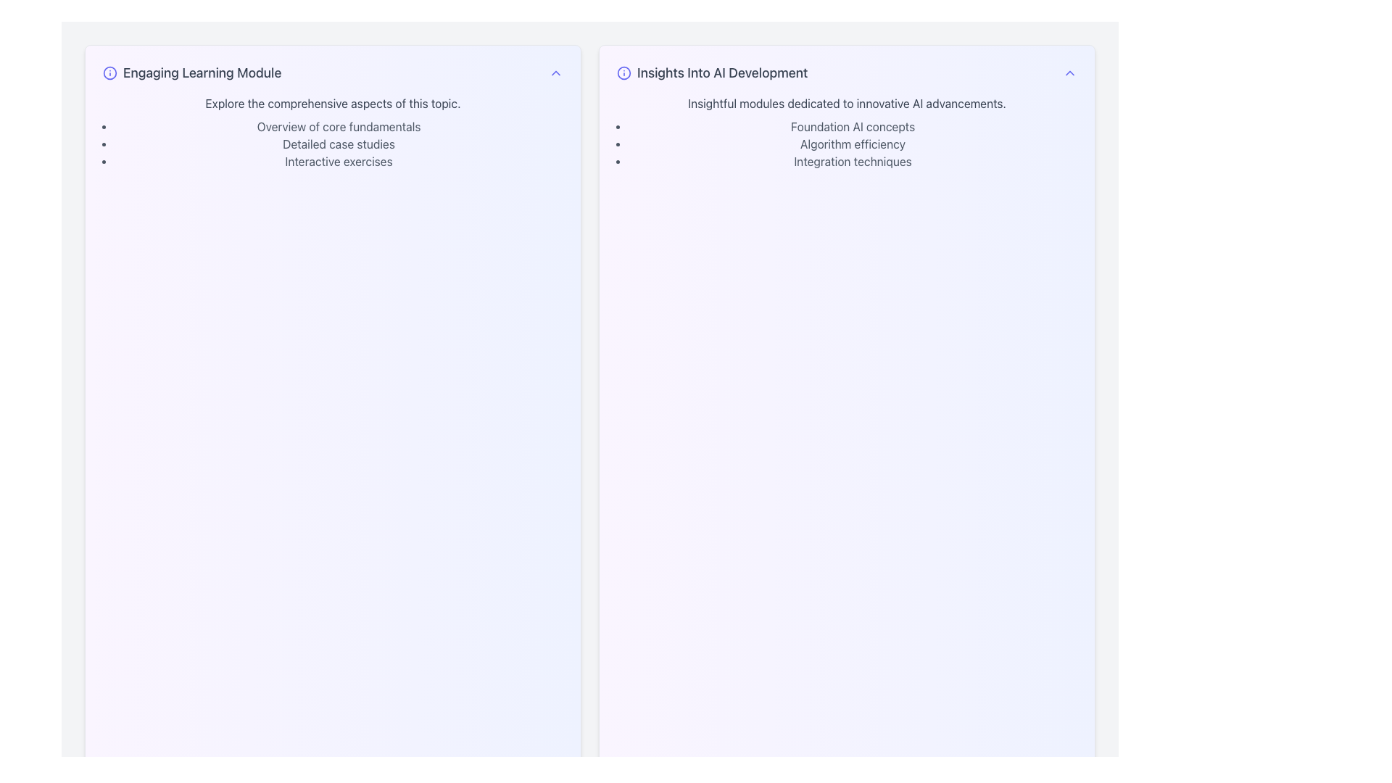 This screenshot has height=783, width=1392. Describe the element at coordinates (853, 125) in the screenshot. I see `descriptive bullet point text outlining a concept related to AI, which is the first item in the list within the 'Insights Into AI Development' panel` at that location.